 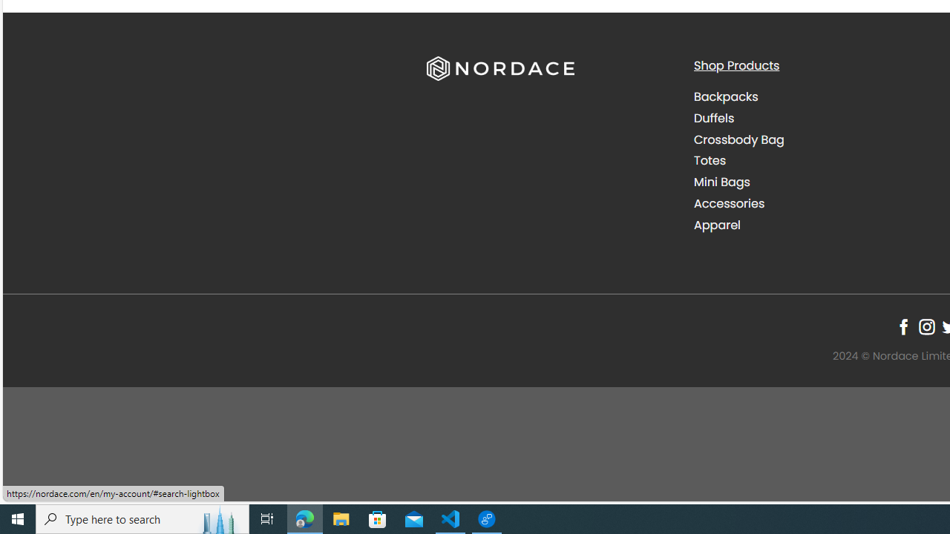 I want to click on 'Mini Bags', so click(x=721, y=181).